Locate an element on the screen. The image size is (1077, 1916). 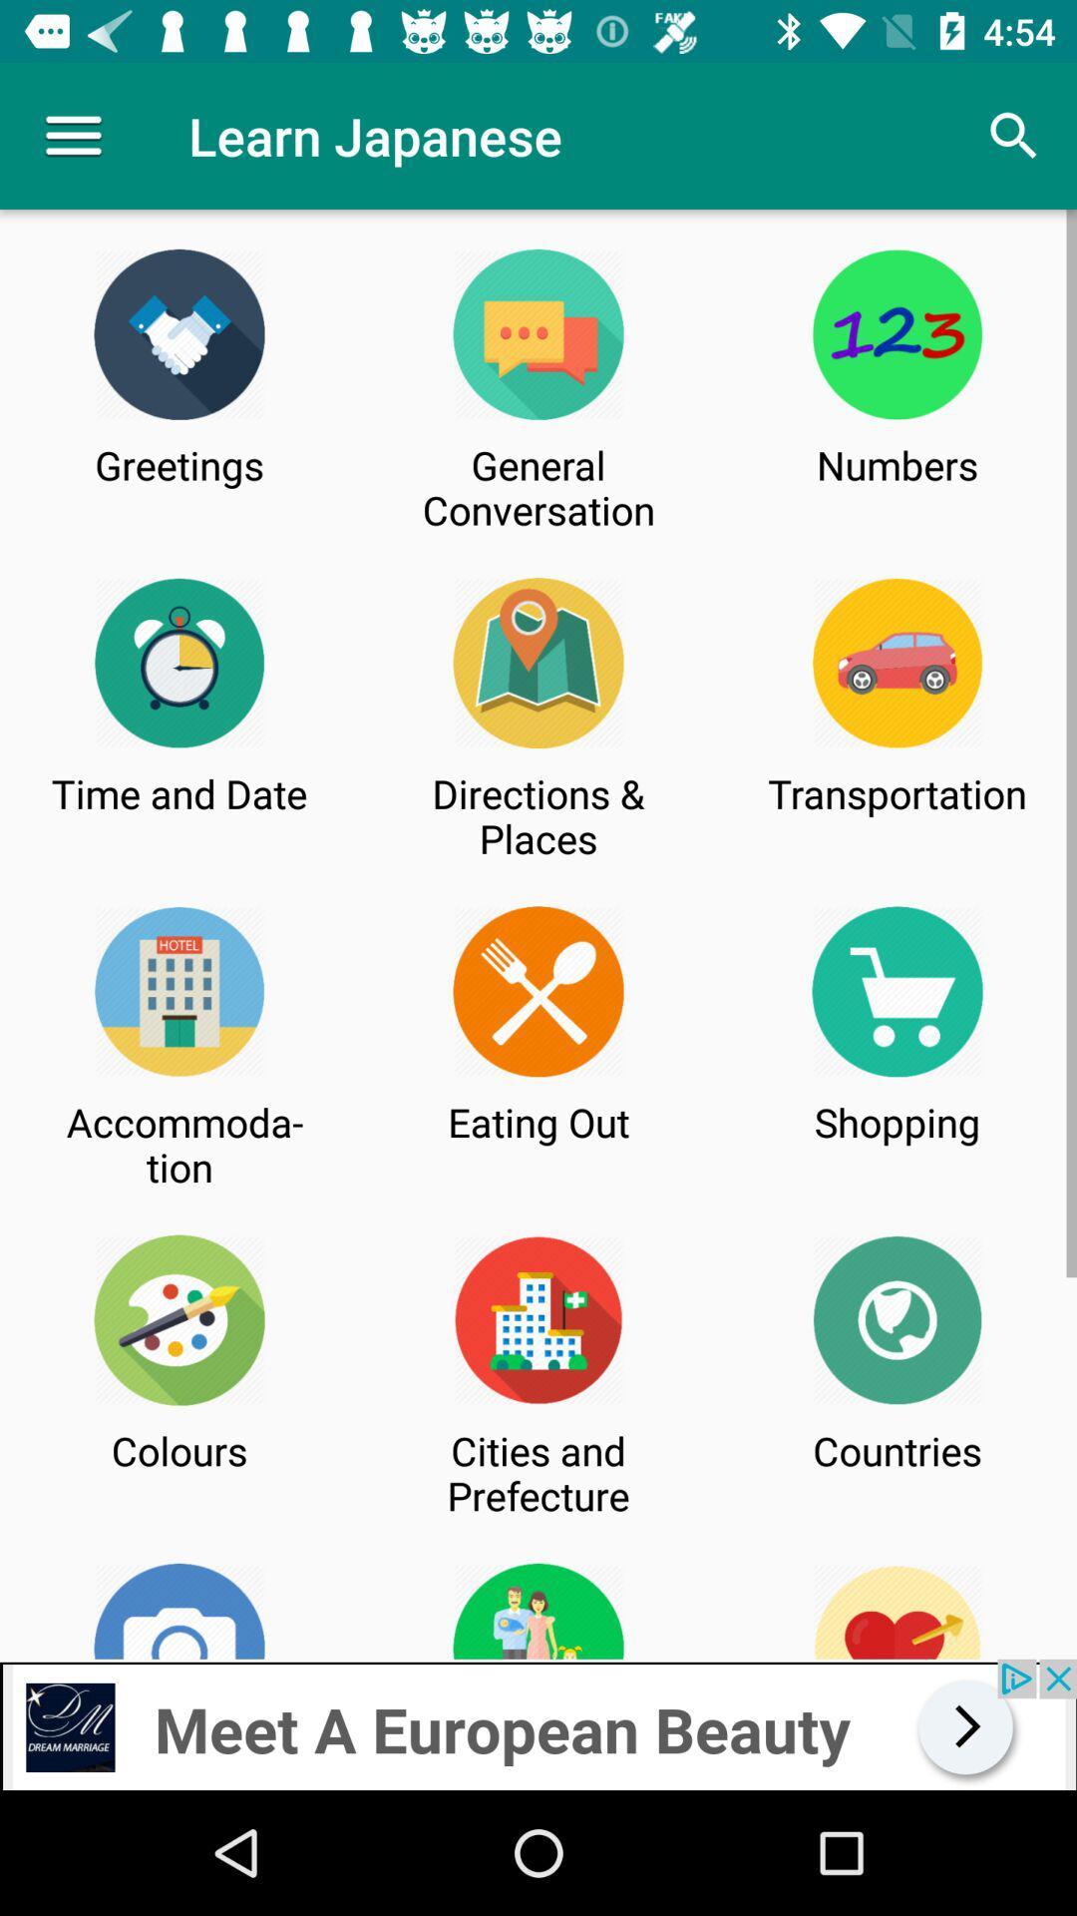
the heart icon is located at coordinates (897, 1611).